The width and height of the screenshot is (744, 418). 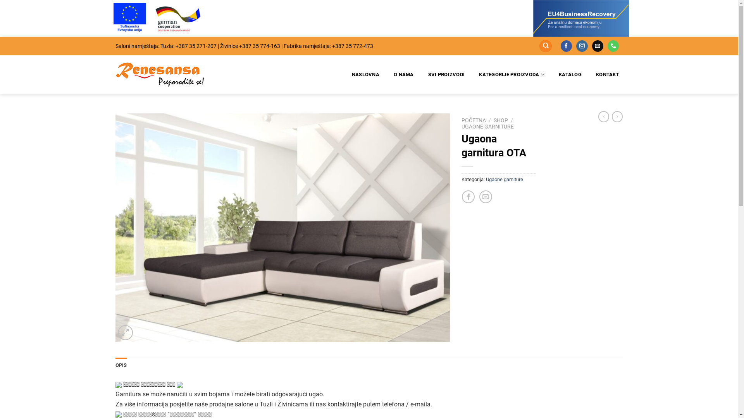 I want to click on '+387 35 772-473', so click(x=331, y=46).